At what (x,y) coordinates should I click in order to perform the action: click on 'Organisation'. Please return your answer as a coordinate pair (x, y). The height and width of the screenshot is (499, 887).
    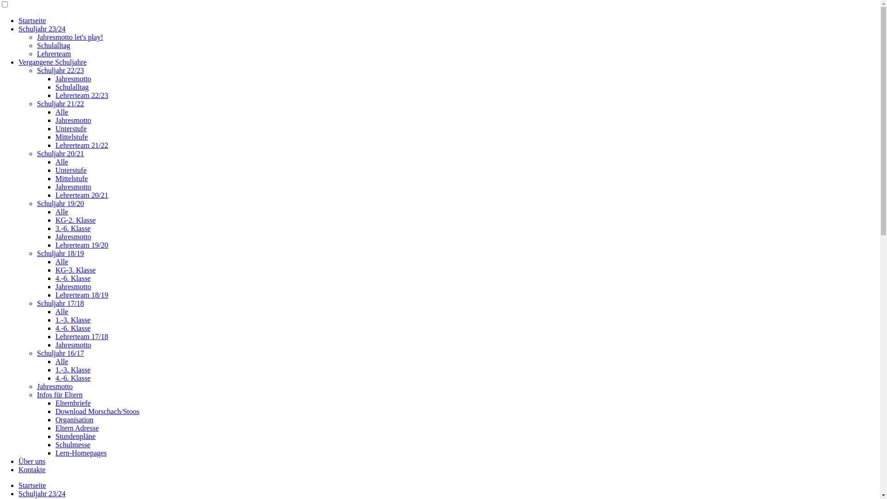
    Looking at the image, I should click on (74, 420).